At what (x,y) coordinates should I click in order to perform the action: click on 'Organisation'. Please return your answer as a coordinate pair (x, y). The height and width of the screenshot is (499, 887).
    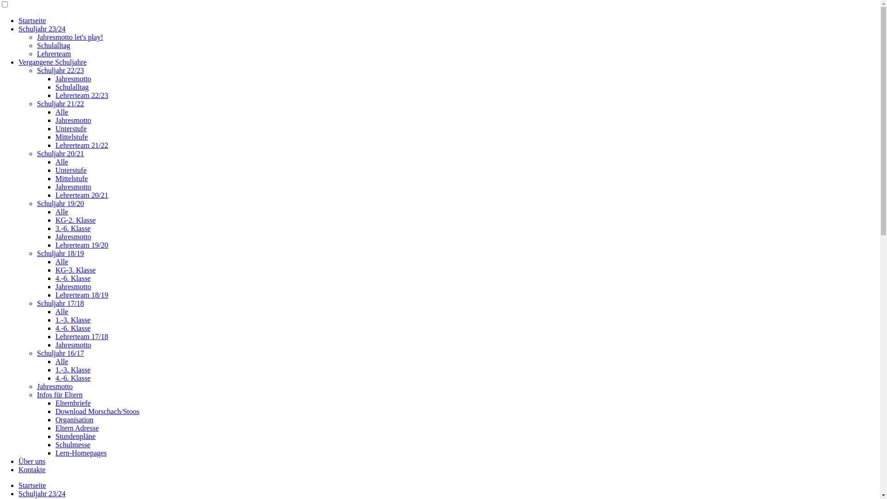
    Looking at the image, I should click on (74, 420).